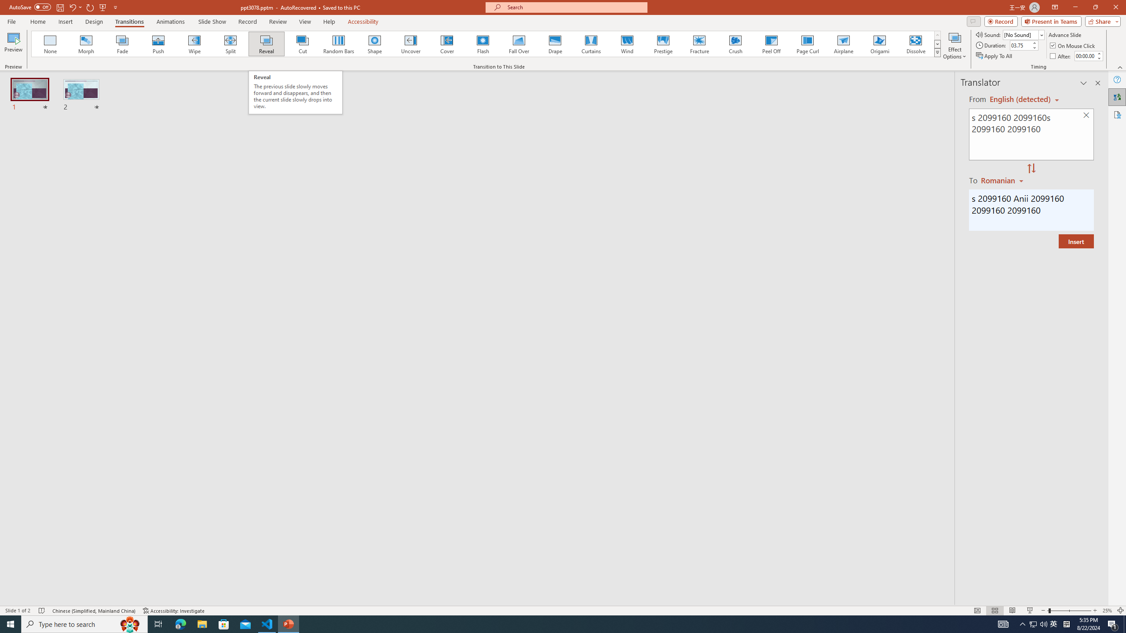  Describe the element at coordinates (995, 56) in the screenshot. I see `'Apply To All'` at that location.